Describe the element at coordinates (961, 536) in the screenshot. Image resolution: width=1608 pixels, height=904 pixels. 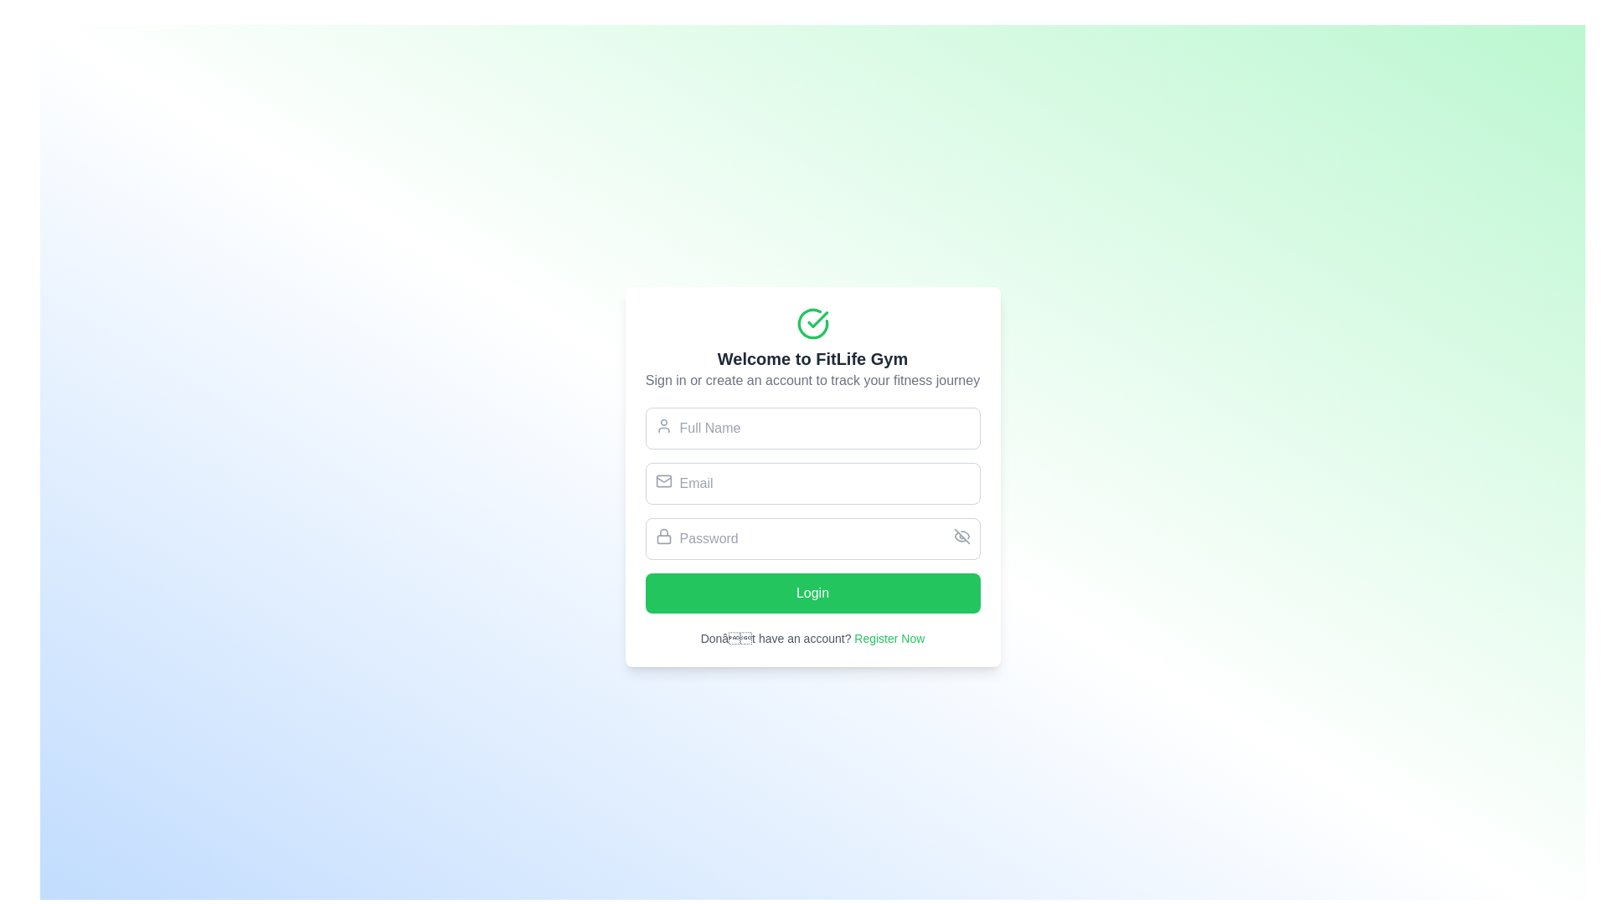
I see `the 'eye-off' button located in the top-right corner of the password input field` at that location.